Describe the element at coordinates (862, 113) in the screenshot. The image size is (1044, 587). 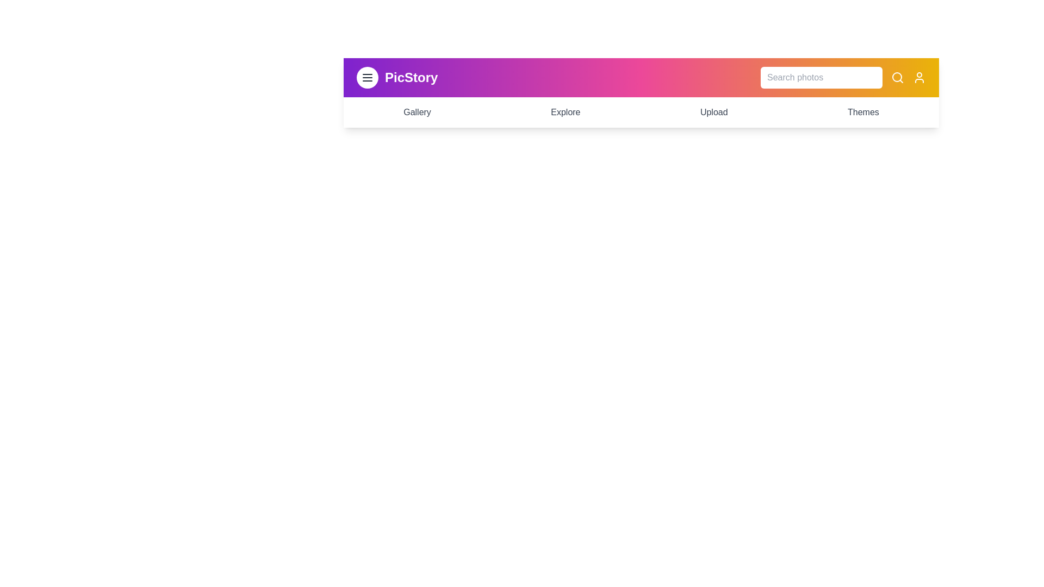
I see `the 'Themes' menu item to navigate to the 'Themes' section` at that location.